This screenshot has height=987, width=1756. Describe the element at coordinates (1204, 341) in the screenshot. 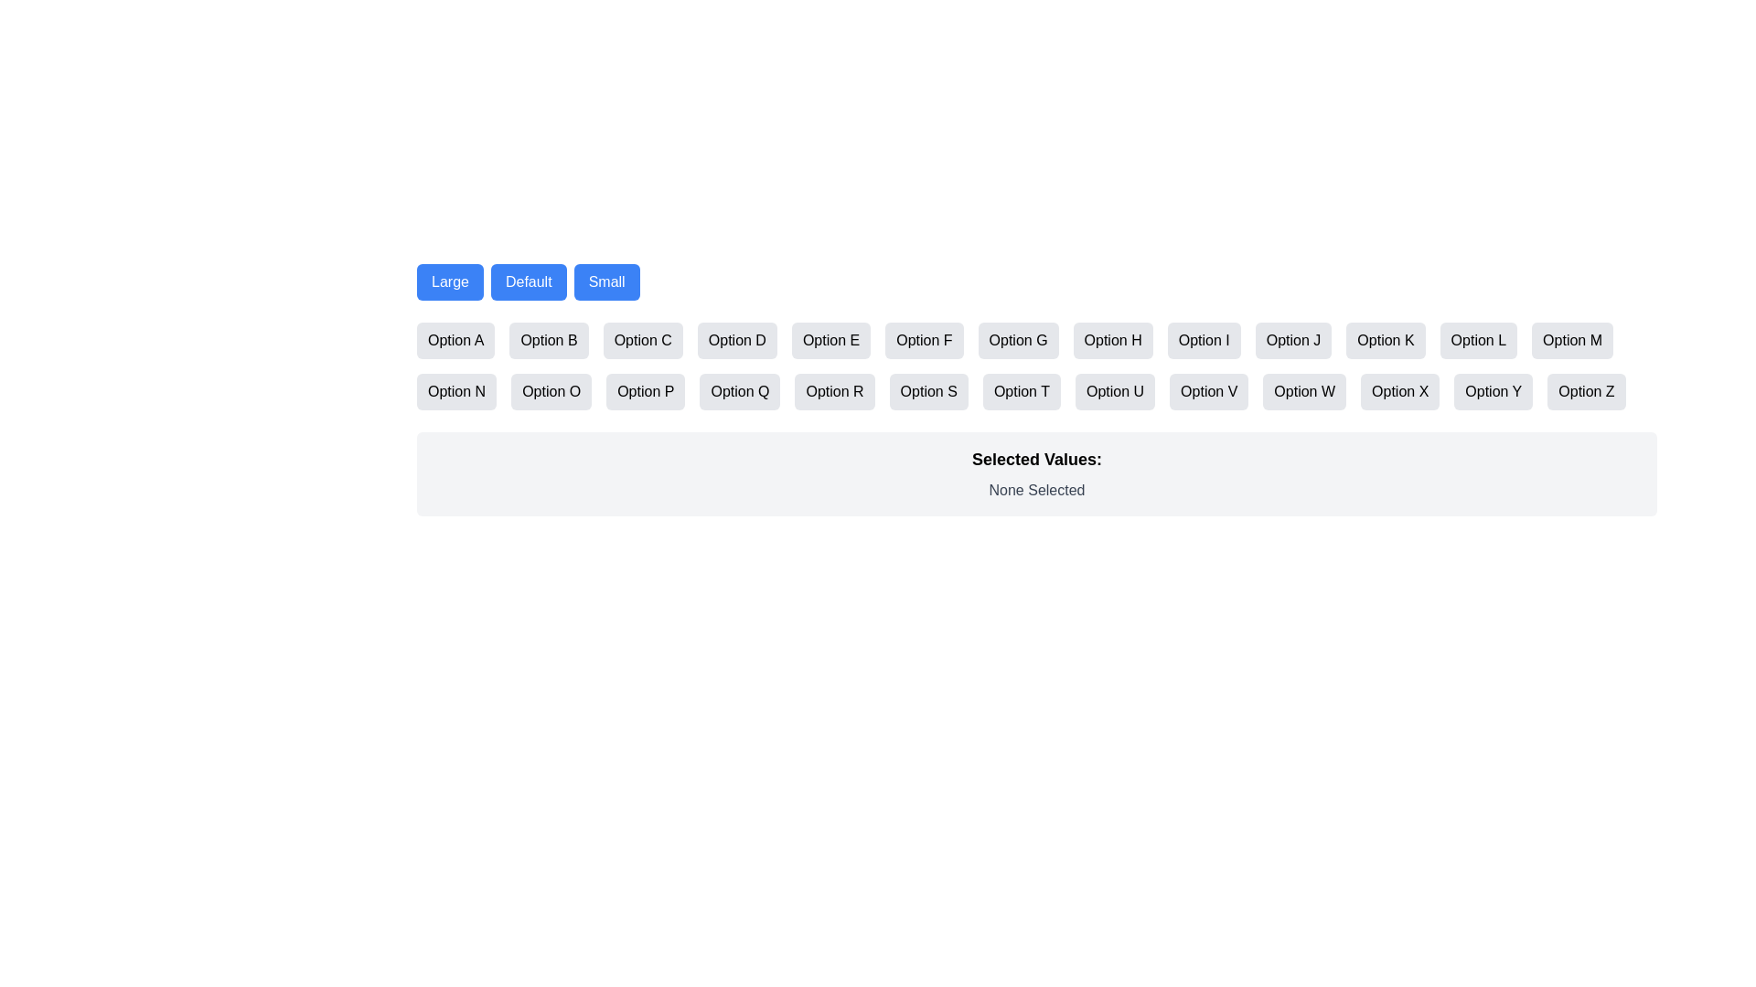

I see `the button labeled 'Option I' which is a rectangular component with rounded corners and a light gray background, located in the first row of selectable options between 'Option H' and 'Option J'` at that location.